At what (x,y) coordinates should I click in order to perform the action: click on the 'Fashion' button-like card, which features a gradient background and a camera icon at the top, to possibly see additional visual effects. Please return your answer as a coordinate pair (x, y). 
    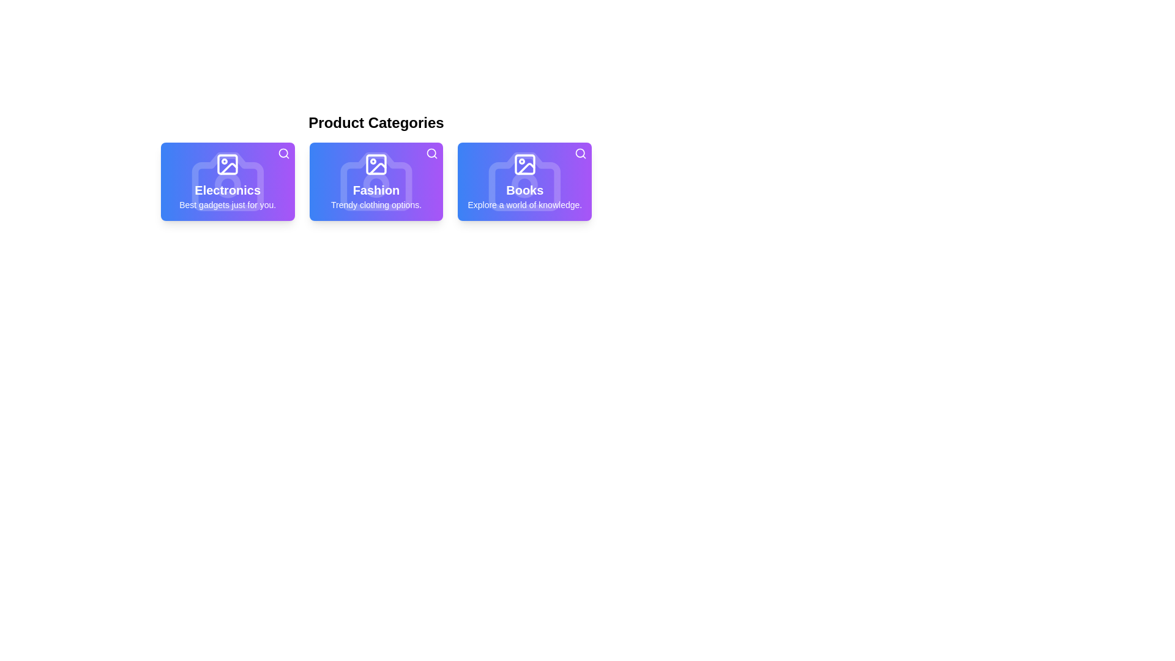
    Looking at the image, I should click on (375, 182).